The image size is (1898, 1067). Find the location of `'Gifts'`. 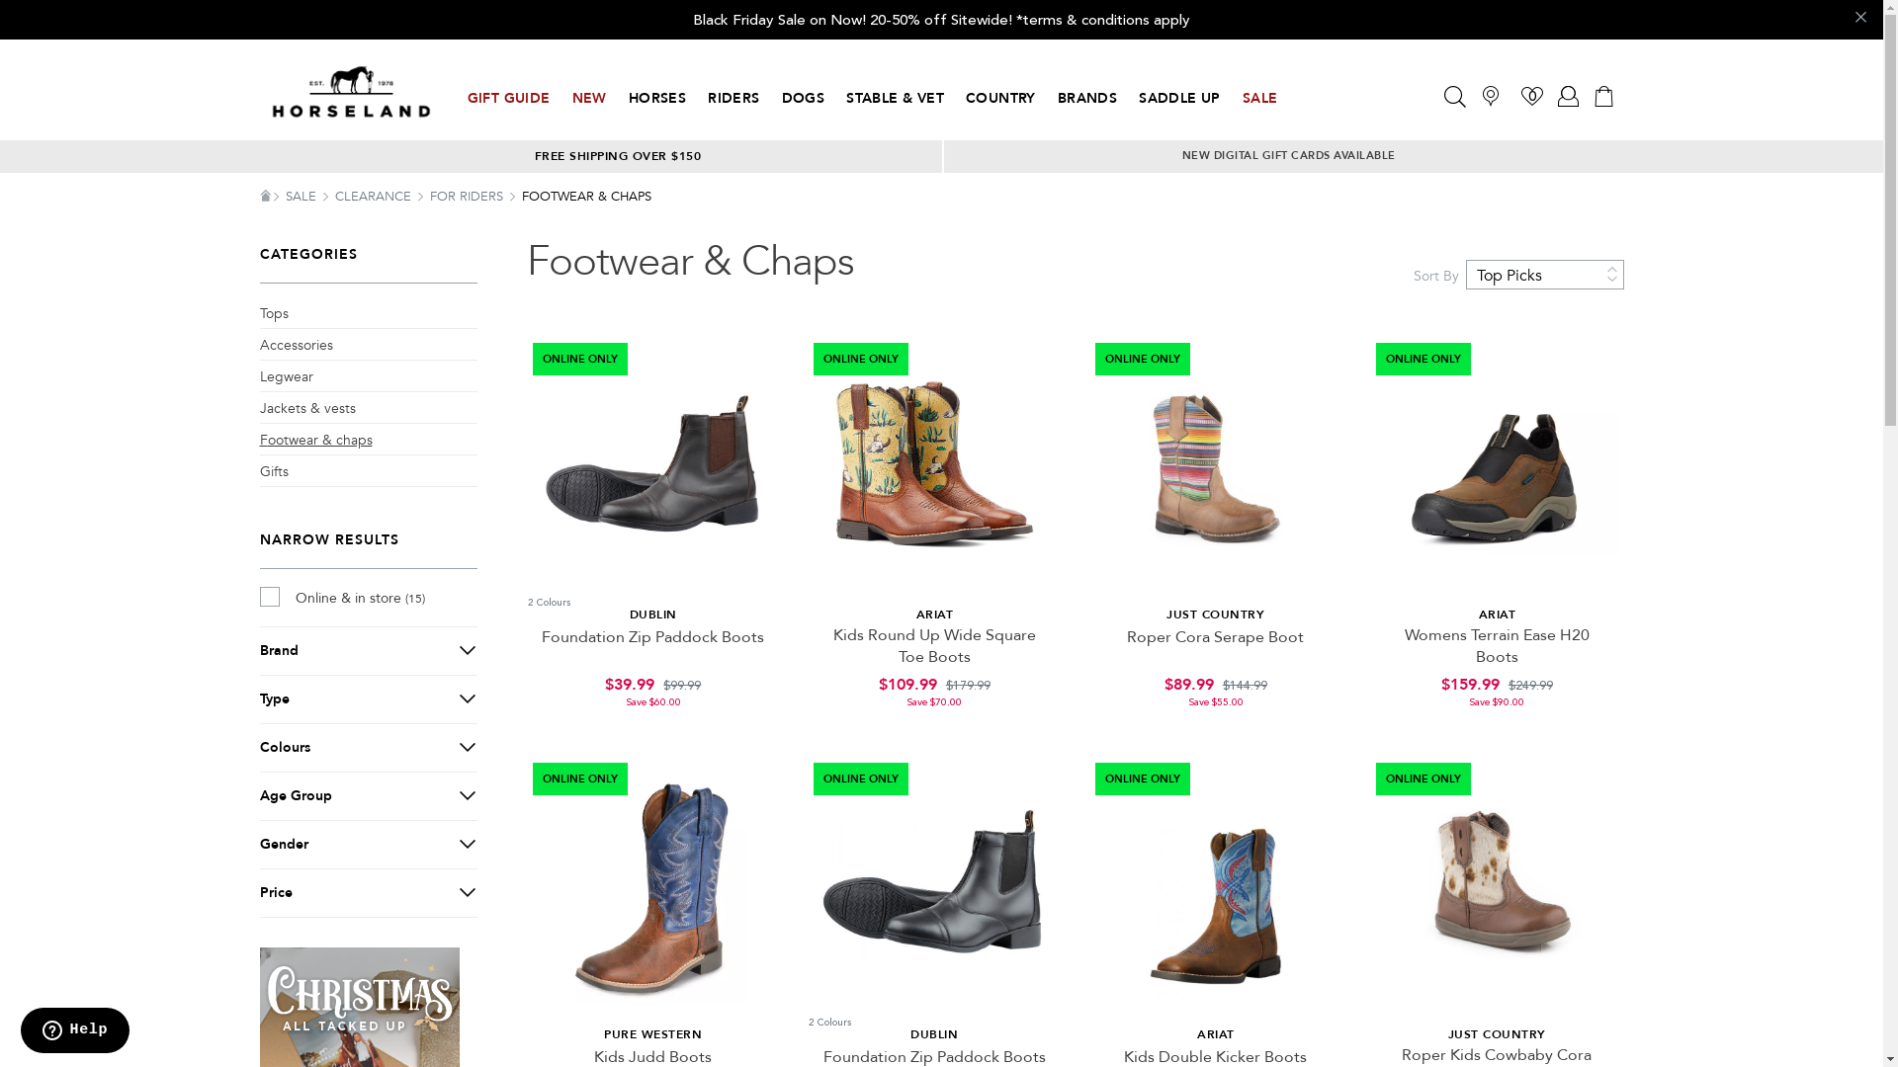

'Gifts' is located at coordinates (272, 472).